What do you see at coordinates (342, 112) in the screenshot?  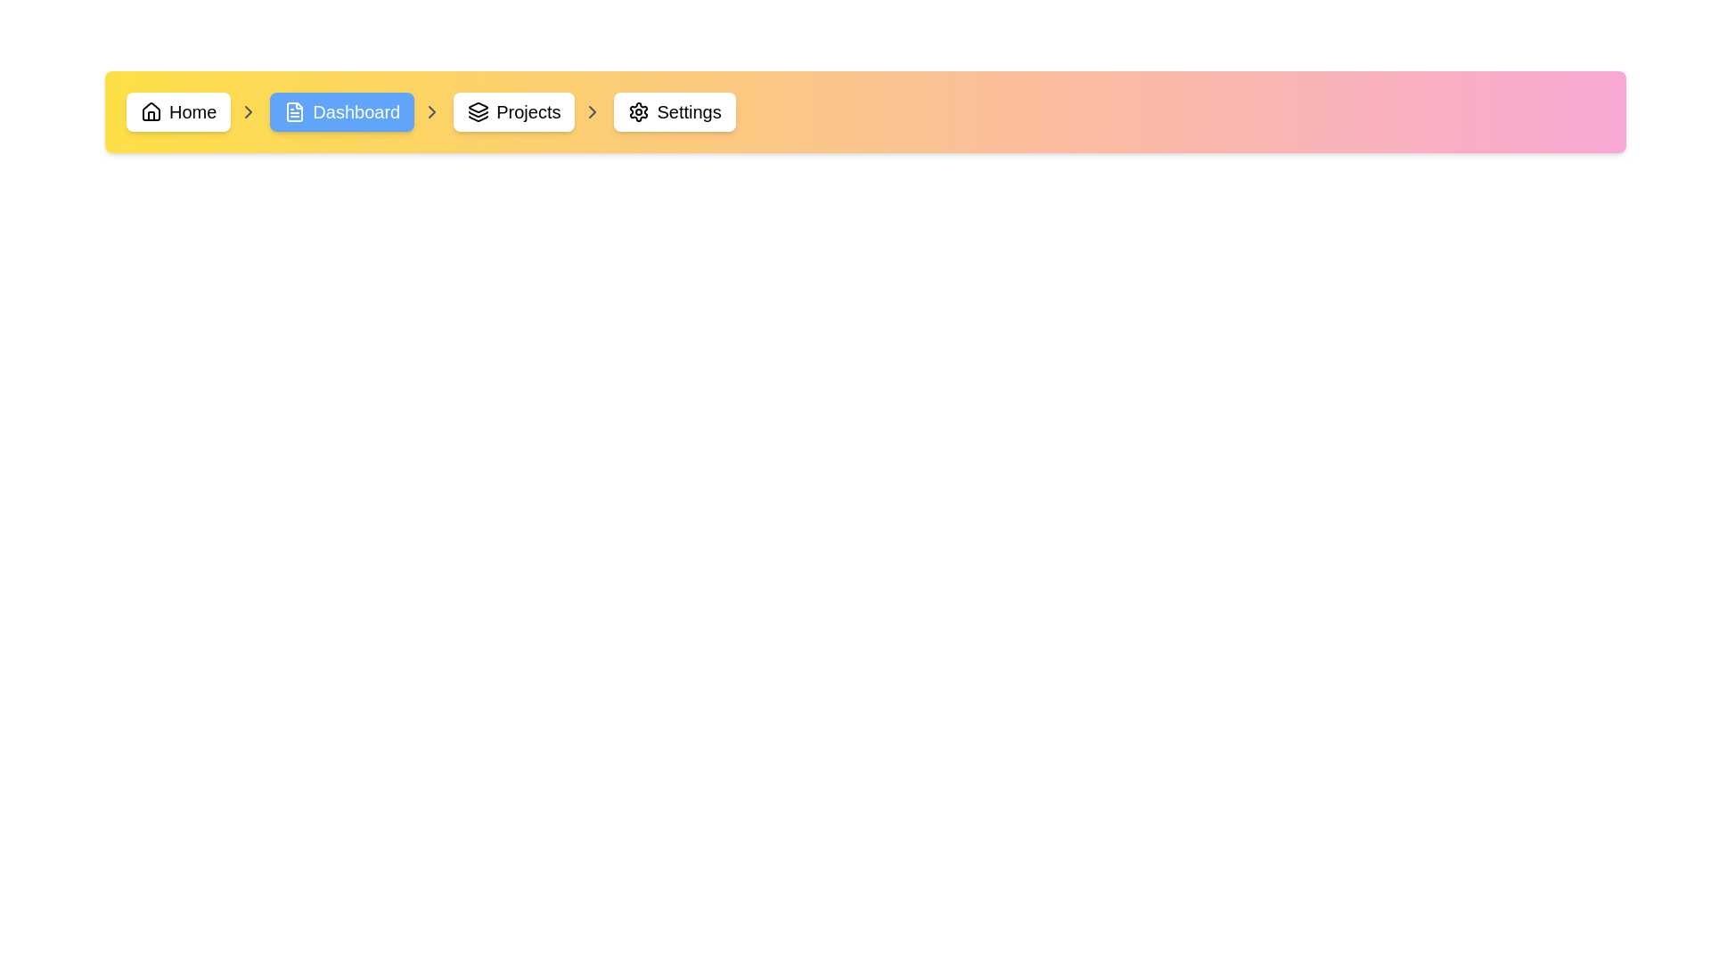 I see `the navigation button that redirects to the 'Dashboard' page, located in the horizontal navigation bar as the second button from the left, positioned between the 'Home' and 'Projects' buttons` at bounding box center [342, 112].